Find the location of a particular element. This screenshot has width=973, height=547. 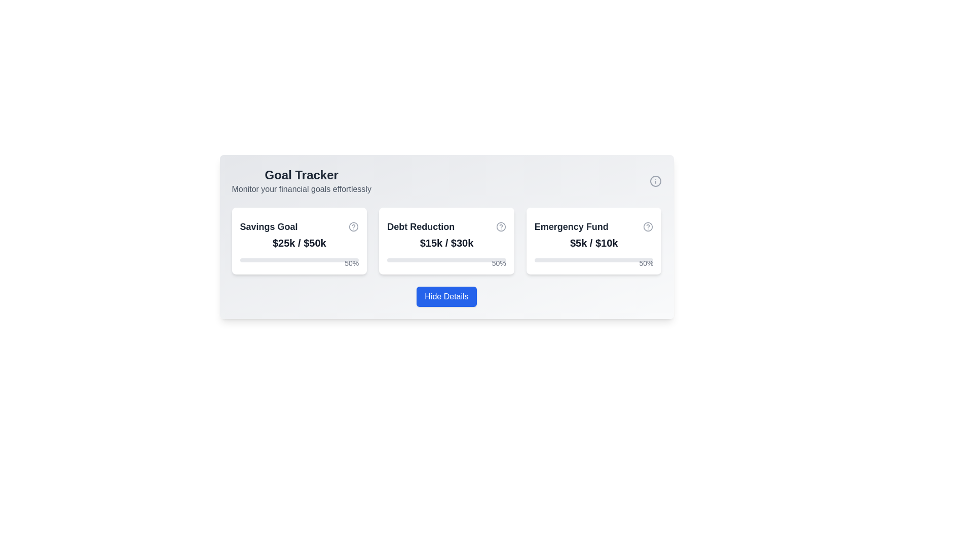

the text label displaying the financial data for the 'Emergency Fund' goal, which is located below the title and above the progress bar is located at coordinates (594, 243).